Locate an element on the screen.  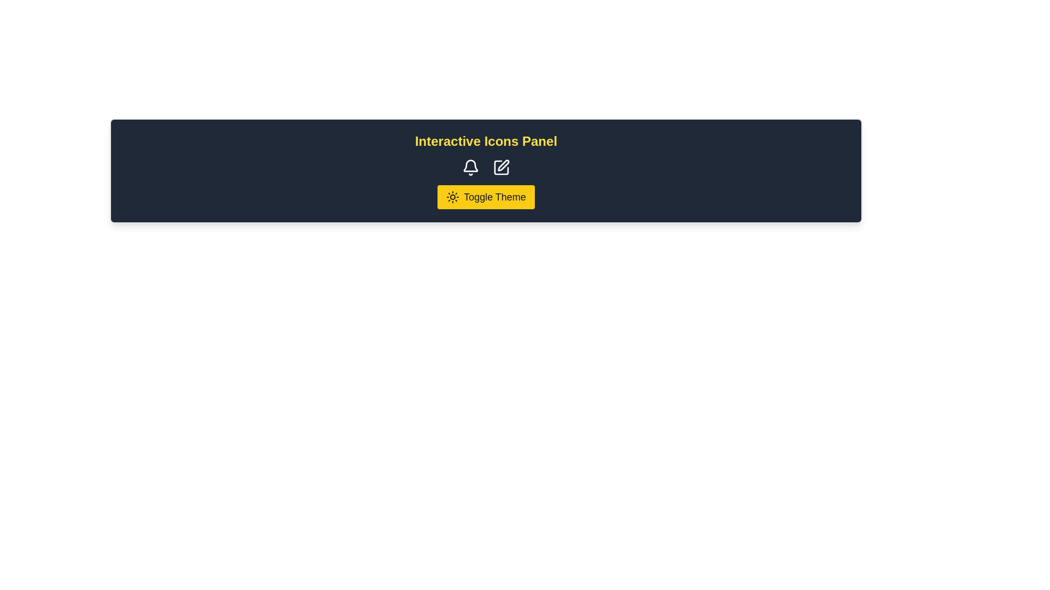
the theme switch button located at the center-bottom of the panel, directly below the bell and pen icons is located at coordinates (485, 197).